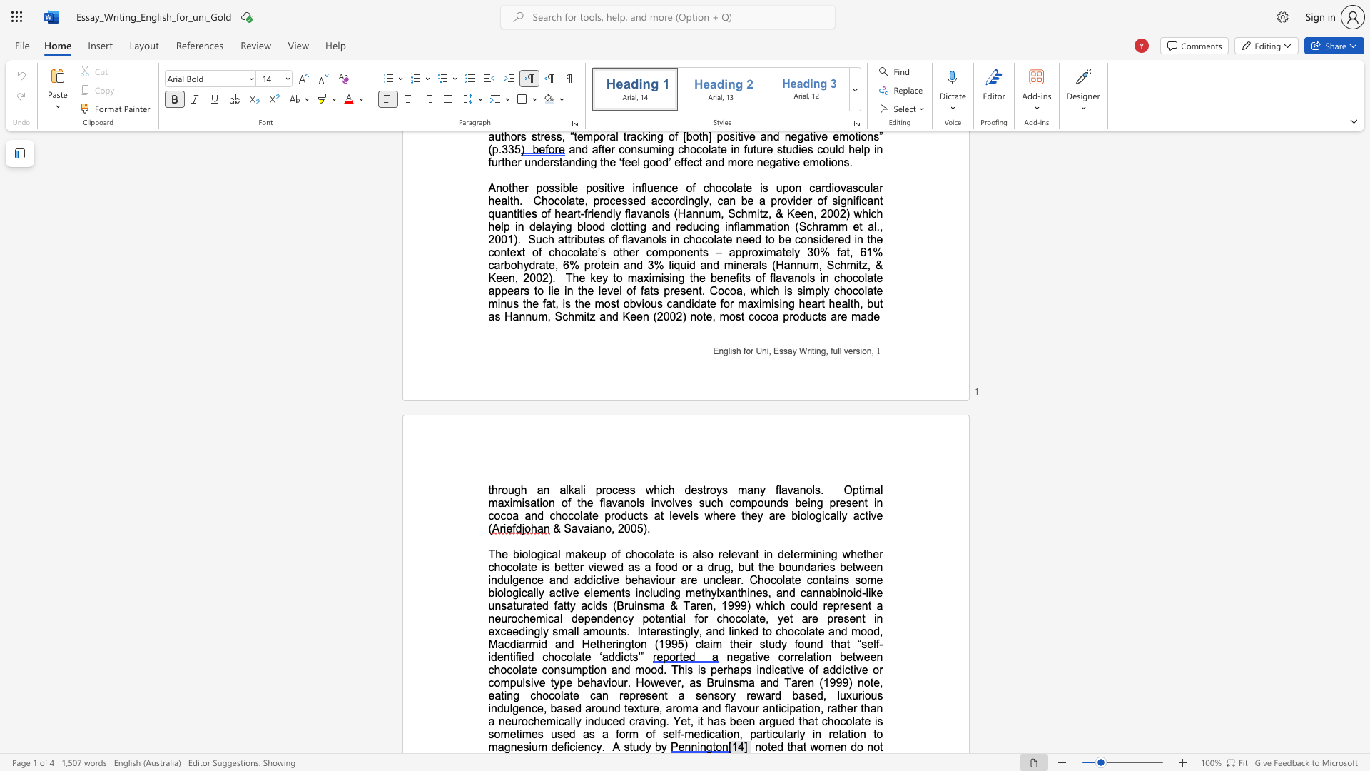 This screenshot has width=1370, height=771. Describe the element at coordinates (674, 734) in the screenshot. I see `the subset text "lf-medication, particular" within the text "and flavour anticipation, rather than a neurochemically induced craving. Yet, it has been argued that chocolate is sometimes used as a form of self-medication, particularly in relation to magnesium deficiency"` at that location.